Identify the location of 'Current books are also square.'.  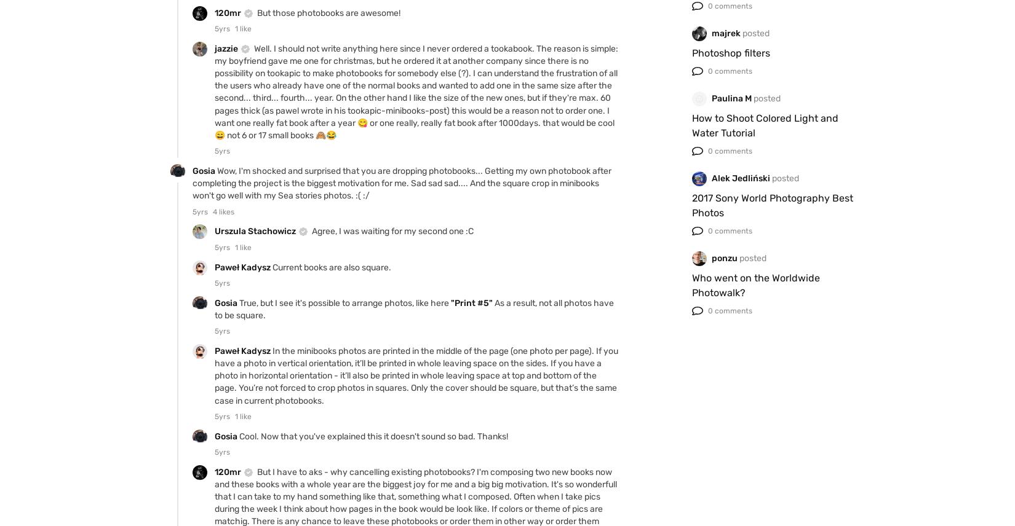
(331, 267).